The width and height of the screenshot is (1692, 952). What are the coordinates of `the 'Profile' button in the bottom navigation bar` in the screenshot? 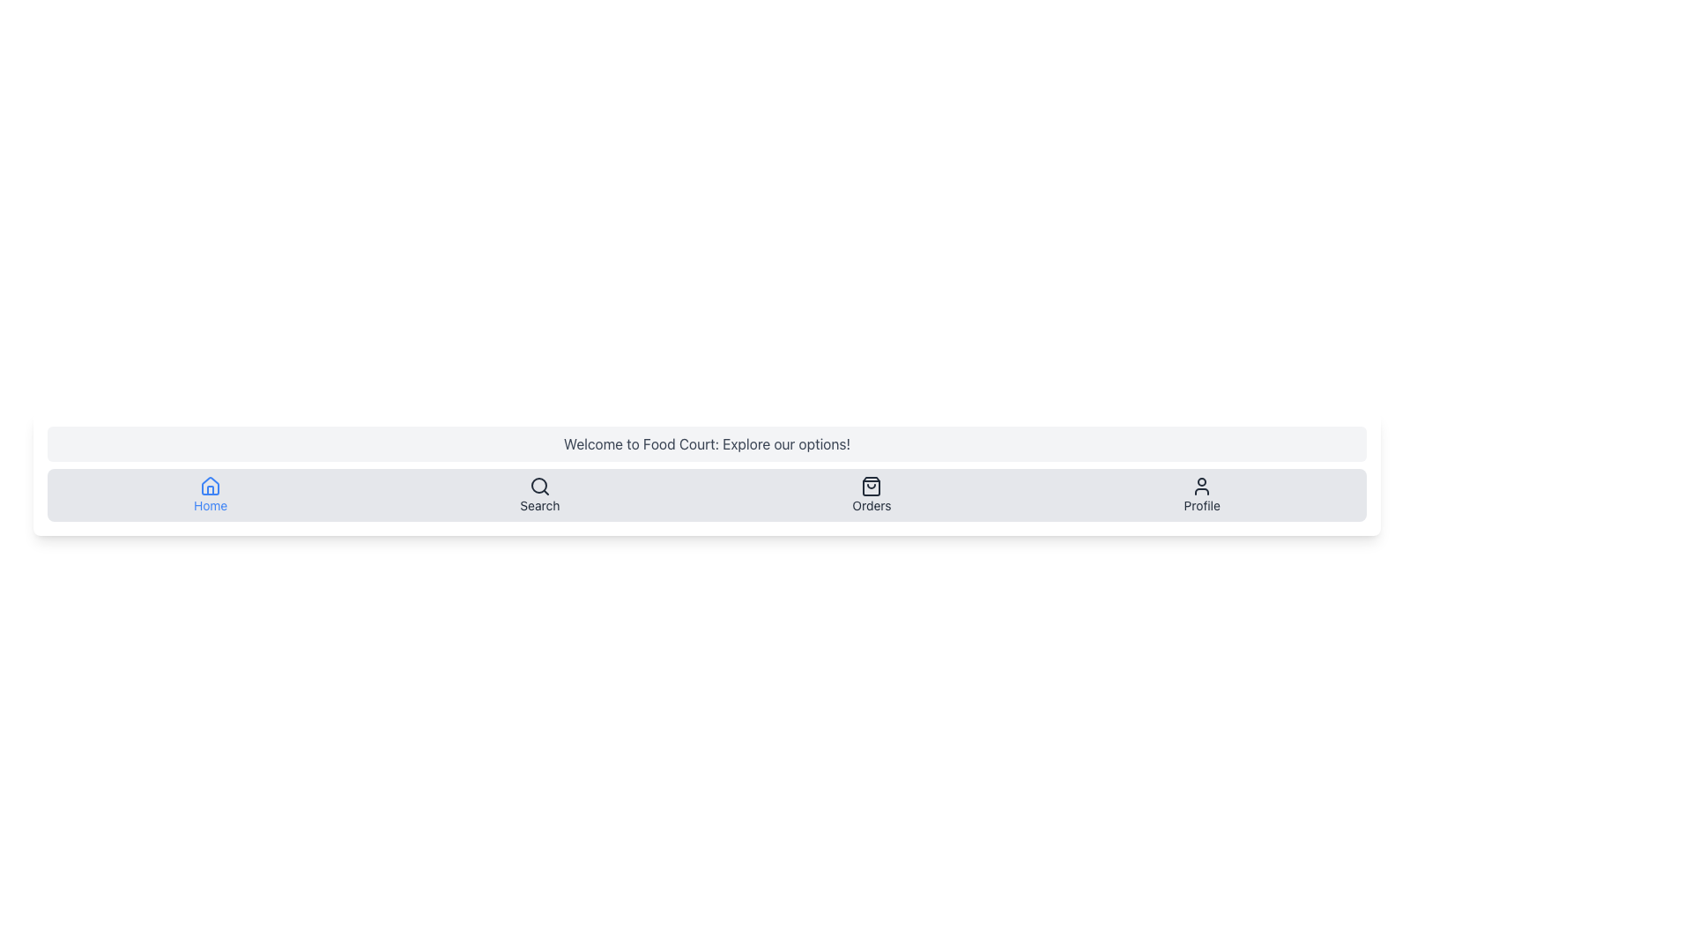 It's located at (1201, 495).